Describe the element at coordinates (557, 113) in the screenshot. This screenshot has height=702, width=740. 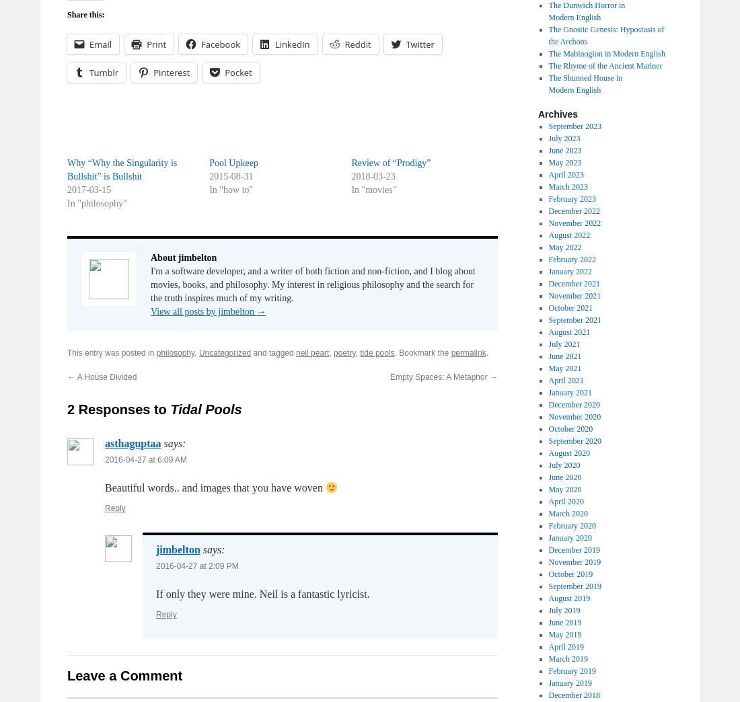
I see `'Archives'` at that location.